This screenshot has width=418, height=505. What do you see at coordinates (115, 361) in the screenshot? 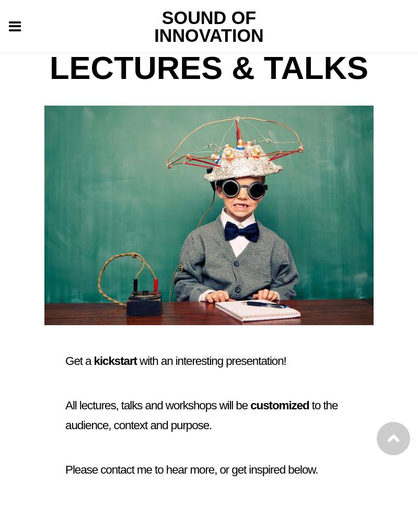
I see `'kickstart'` at bounding box center [115, 361].